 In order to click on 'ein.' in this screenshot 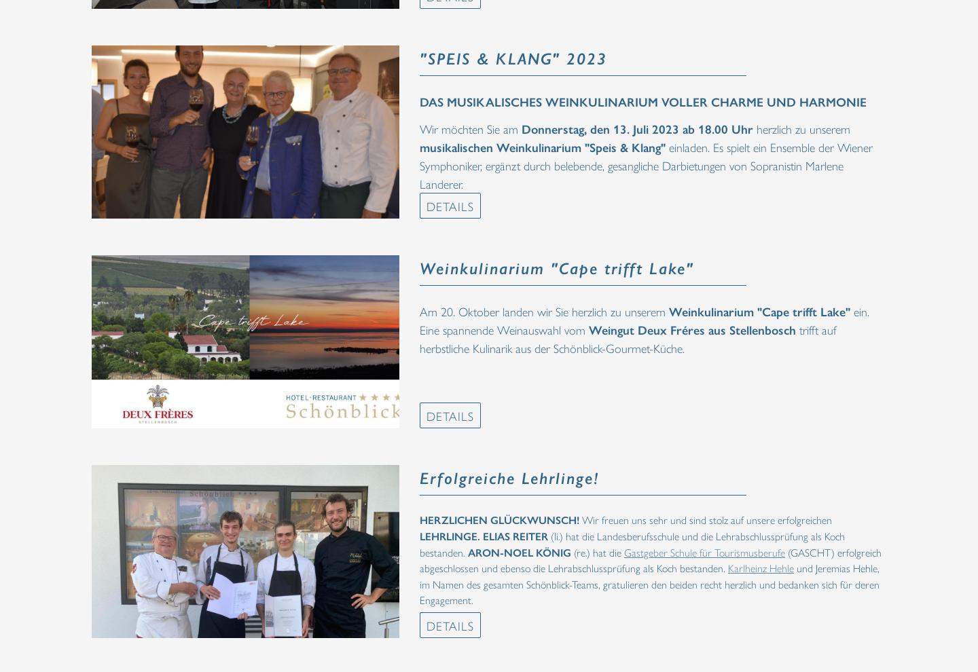, I will do `click(861, 311)`.